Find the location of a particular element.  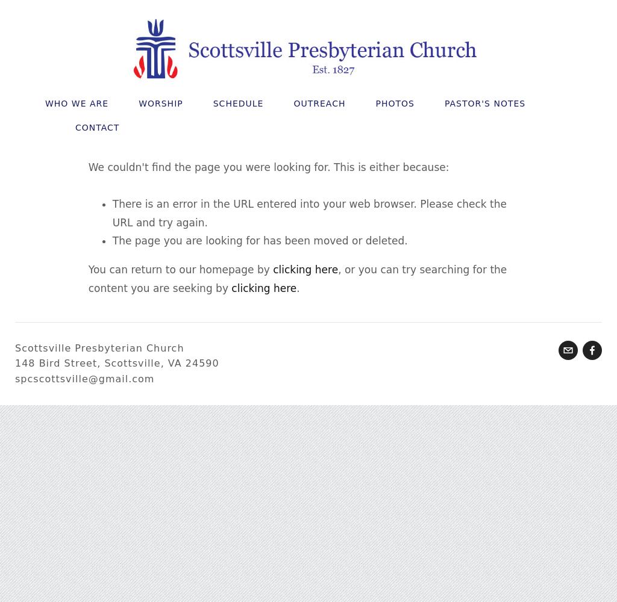

'Photos' is located at coordinates (393, 104).